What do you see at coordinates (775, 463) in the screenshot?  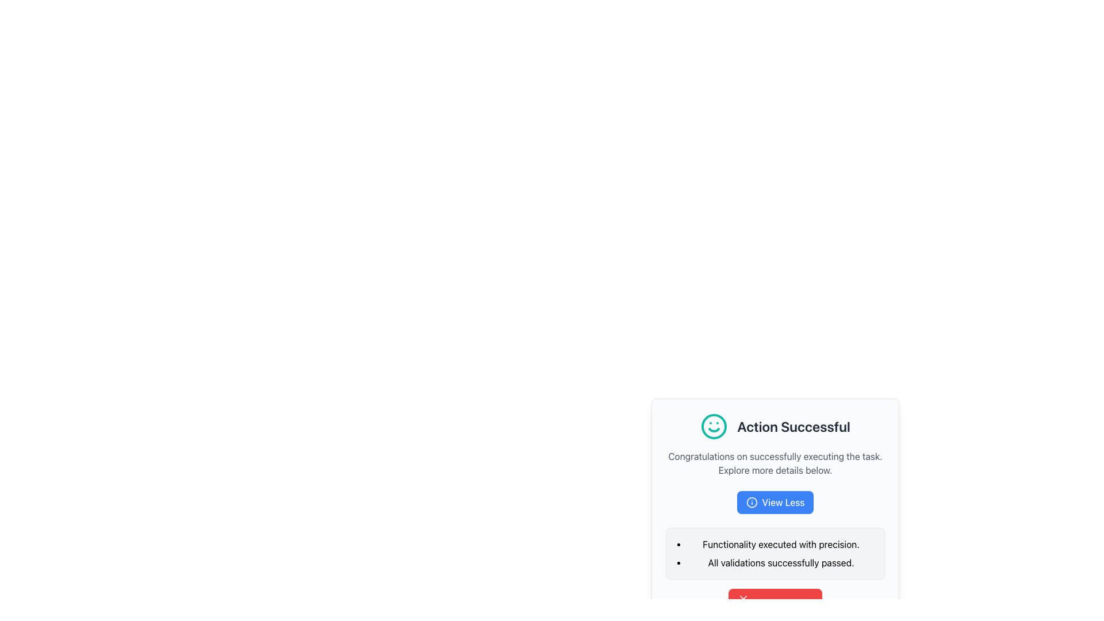 I see `the congratulatory text message displayed in a center-aligned, gray font, which is located below the title 'Action Successful' and above the 'View Less' button` at bounding box center [775, 463].